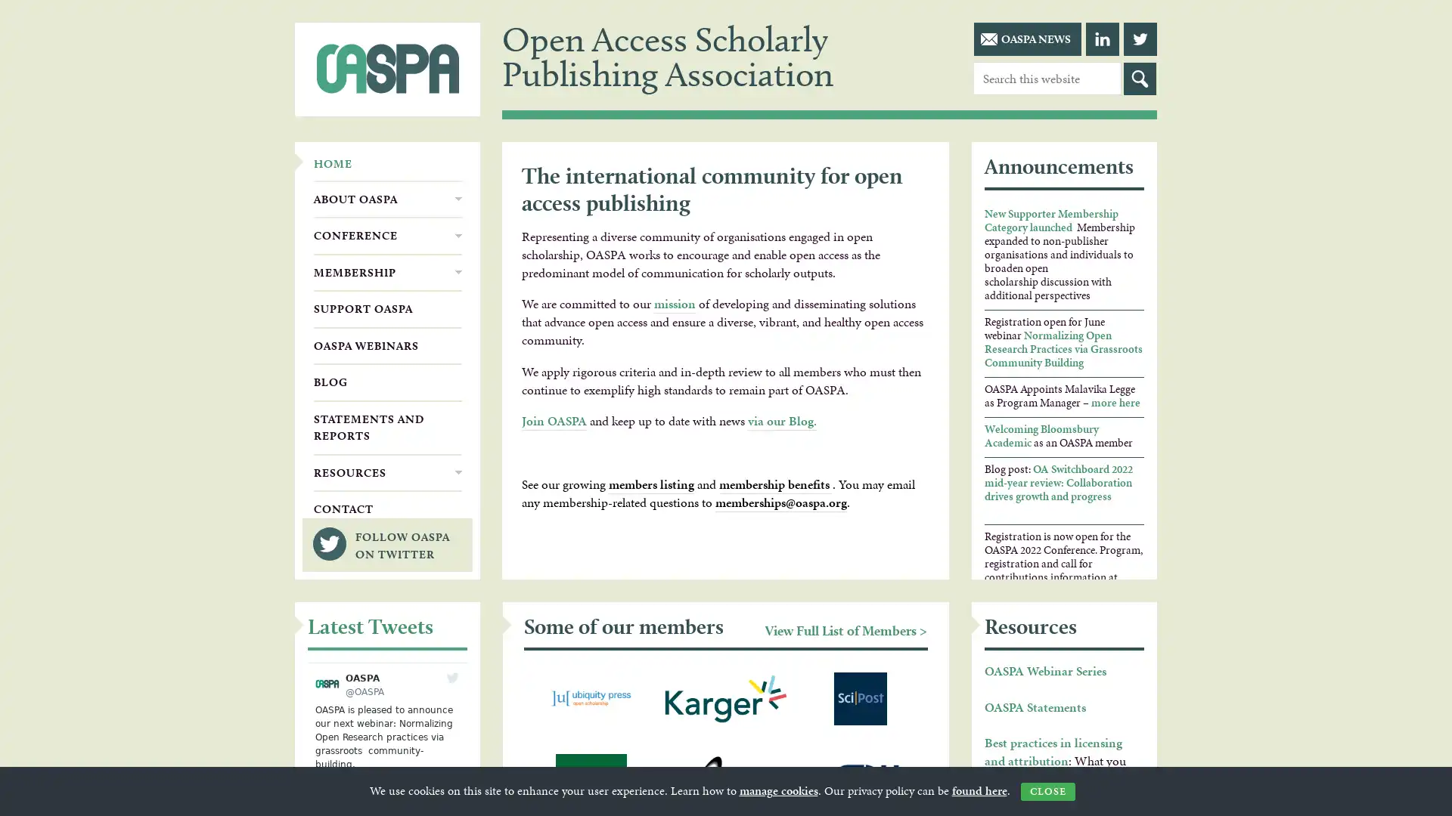 This screenshot has height=816, width=1452. What do you see at coordinates (1047, 791) in the screenshot?
I see `CLOSE` at bounding box center [1047, 791].